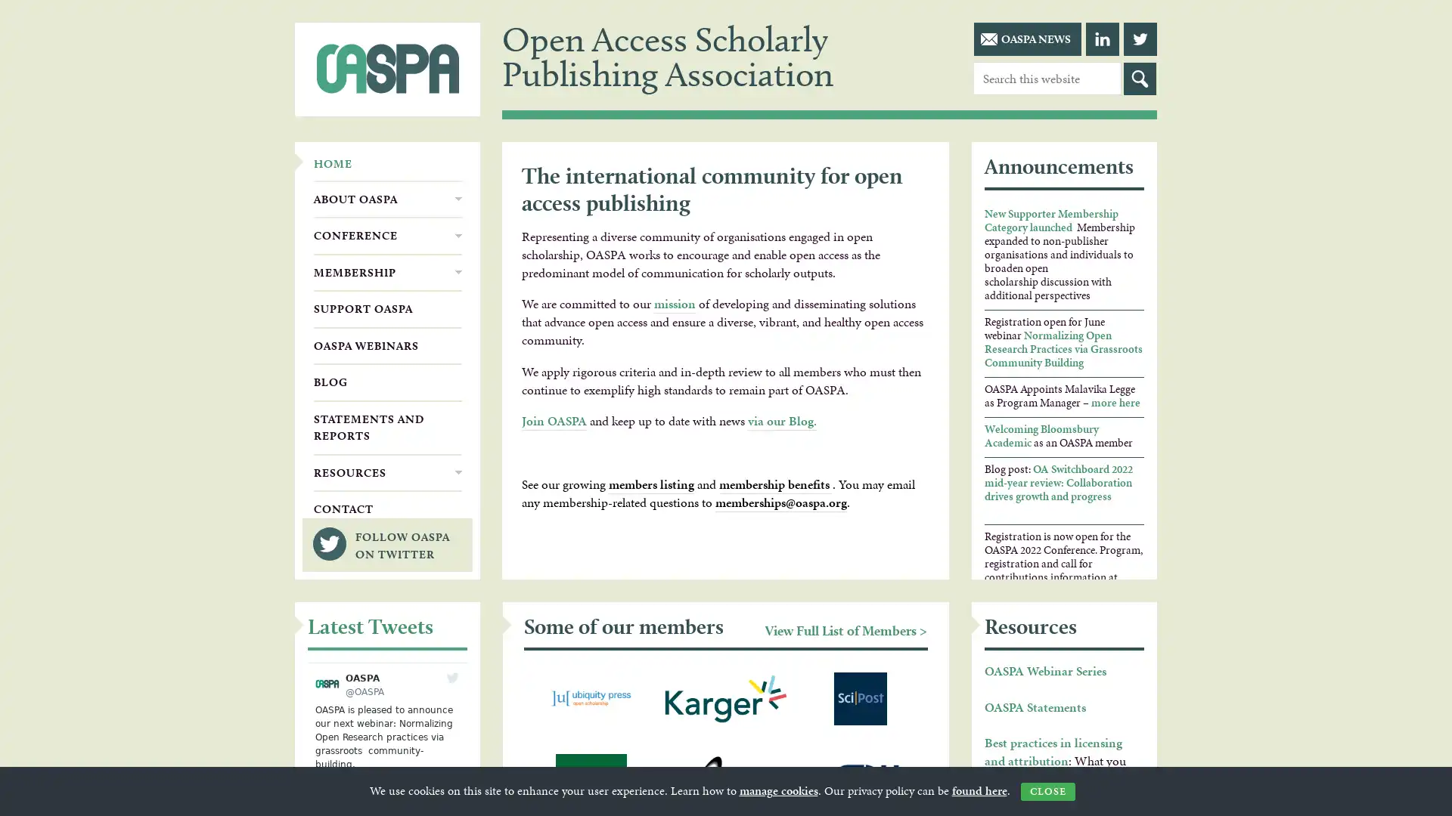 This screenshot has height=816, width=1452. What do you see at coordinates (1047, 791) in the screenshot?
I see `CLOSE` at bounding box center [1047, 791].